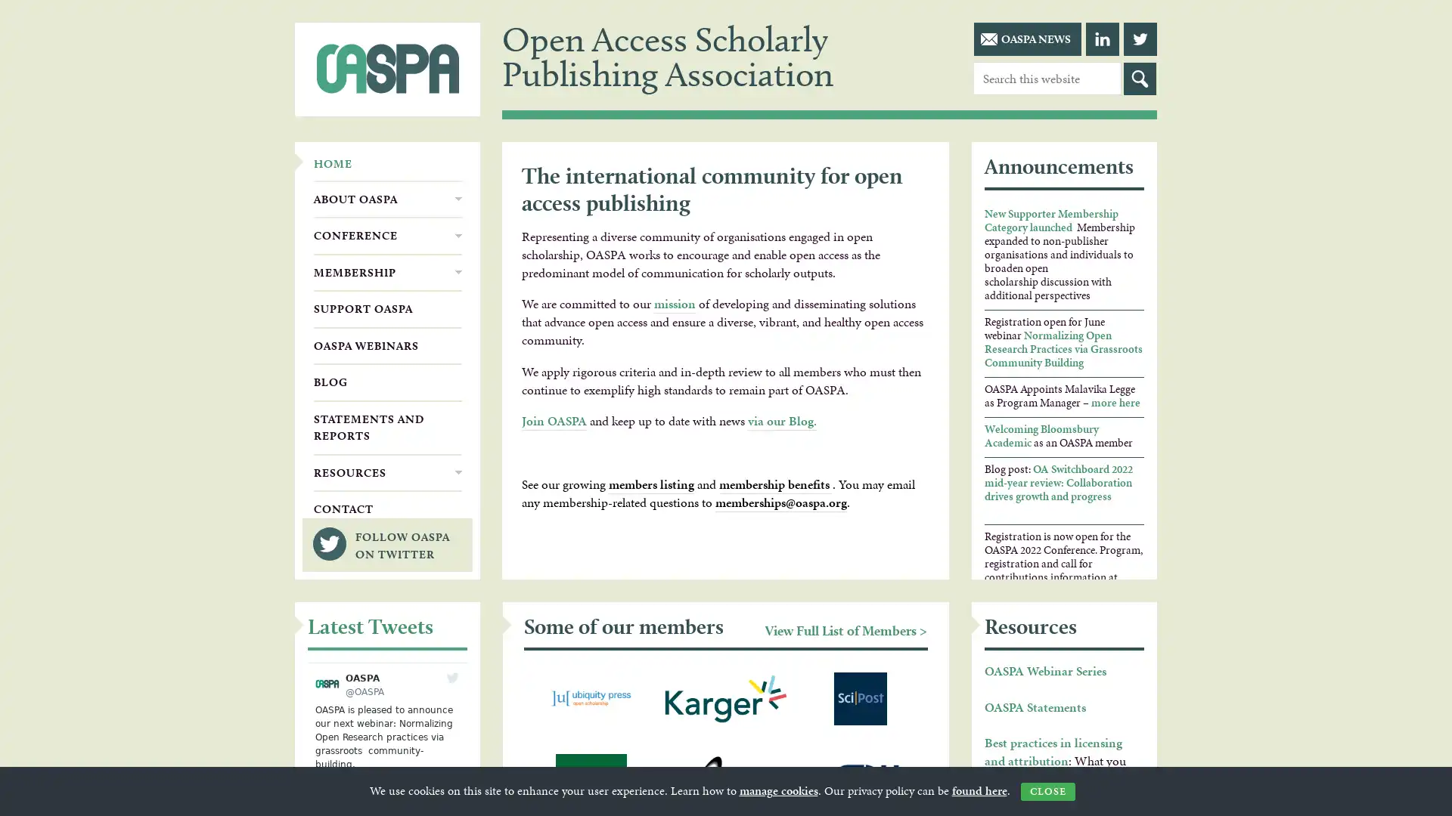 This screenshot has height=816, width=1452. What do you see at coordinates (1047, 791) in the screenshot?
I see `CLOSE` at bounding box center [1047, 791].